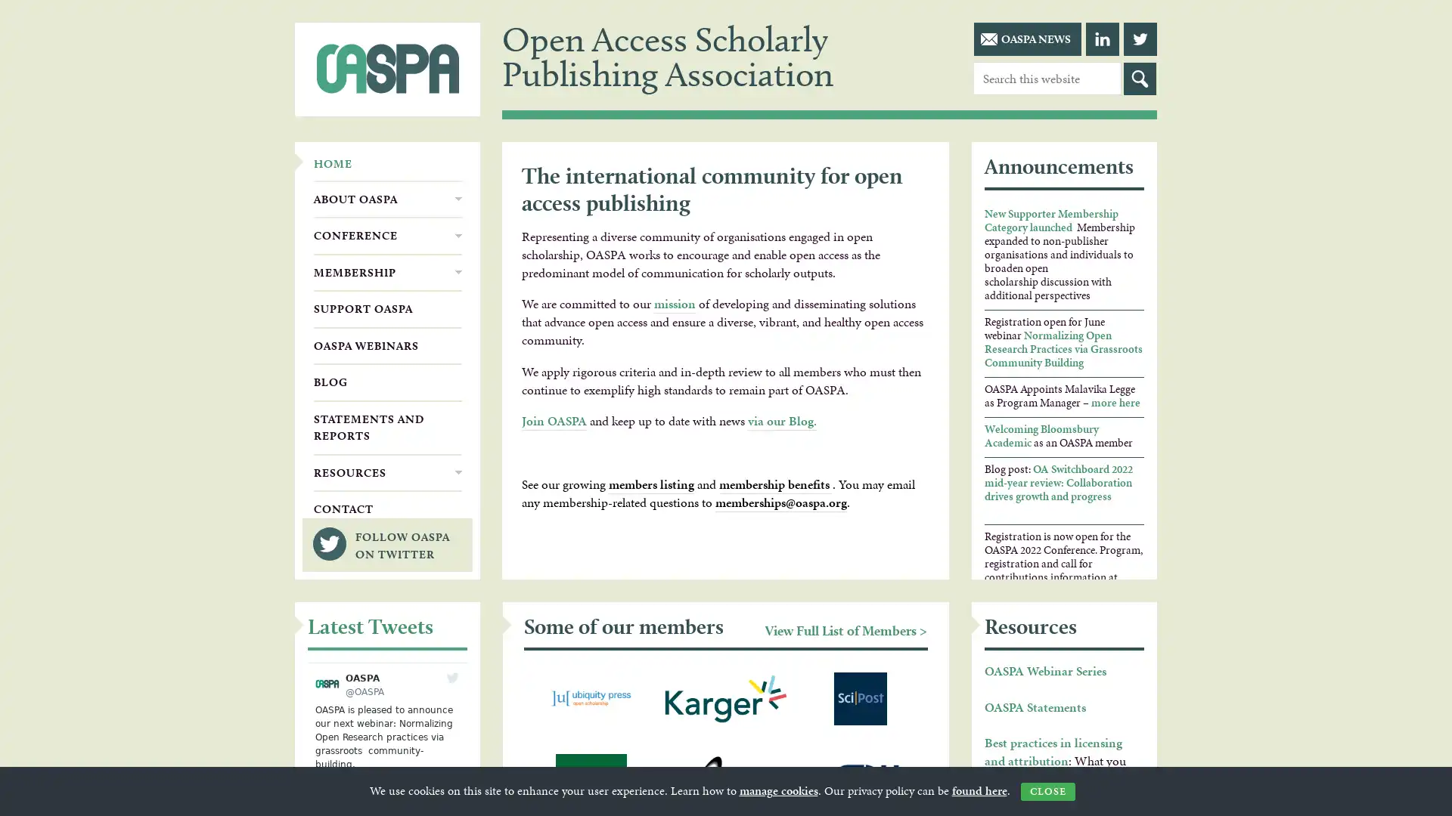 This screenshot has height=816, width=1452. What do you see at coordinates (1047, 791) in the screenshot?
I see `CLOSE` at bounding box center [1047, 791].